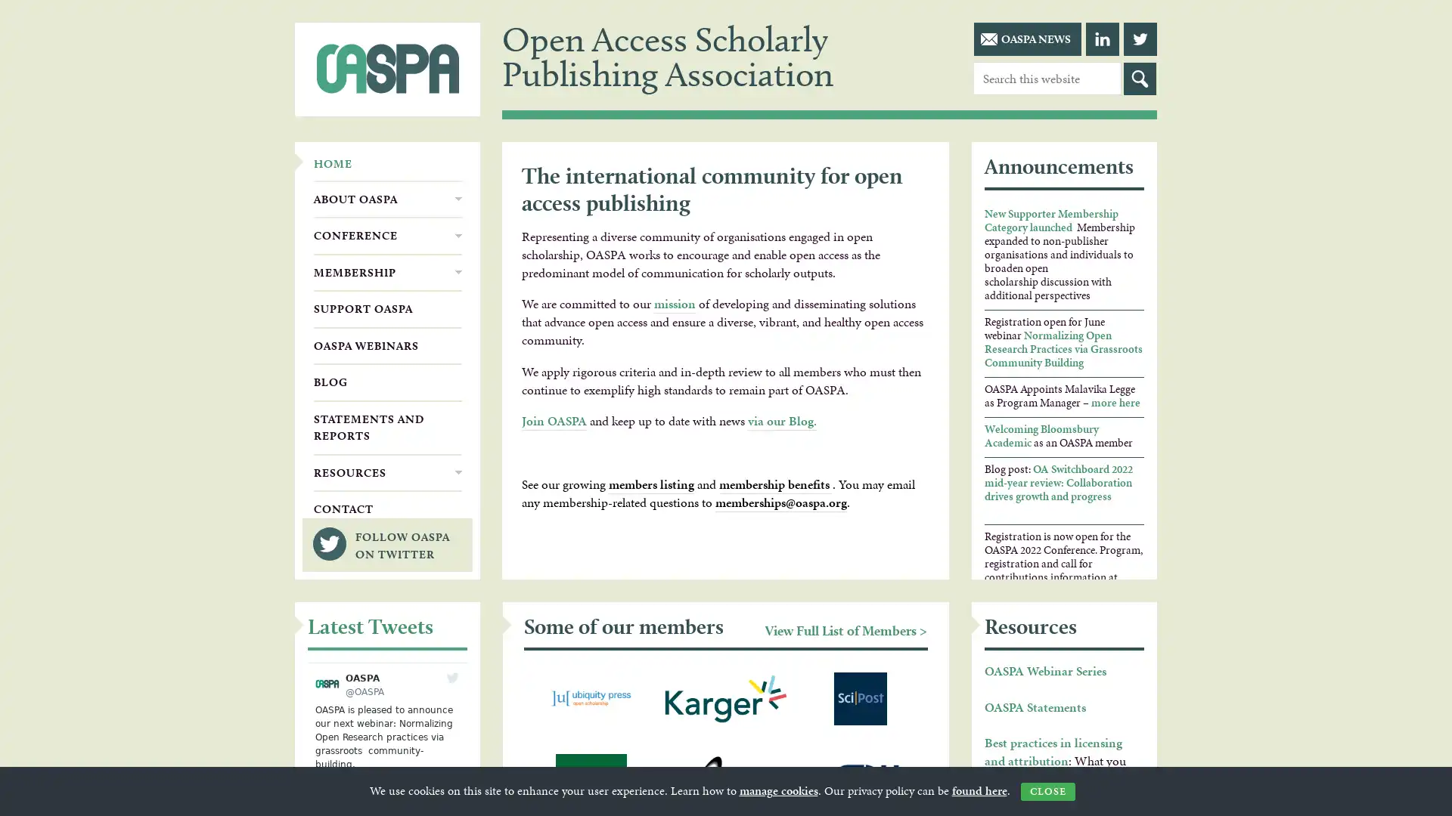 This screenshot has height=816, width=1452. What do you see at coordinates (1047, 791) in the screenshot?
I see `CLOSE` at bounding box center [1047, 791].